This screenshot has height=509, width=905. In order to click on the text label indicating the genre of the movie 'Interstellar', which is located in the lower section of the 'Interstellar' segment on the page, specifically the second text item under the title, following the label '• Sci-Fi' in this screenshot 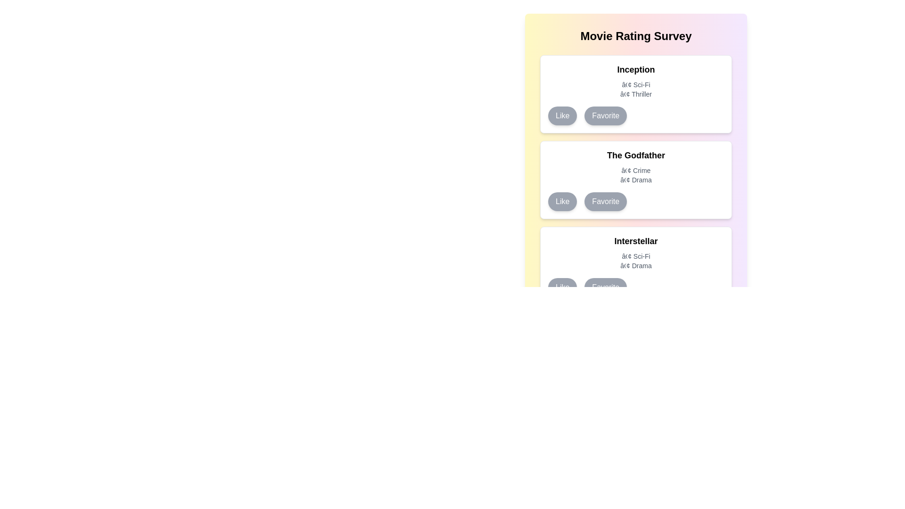, I will do `click(636, 265)`.